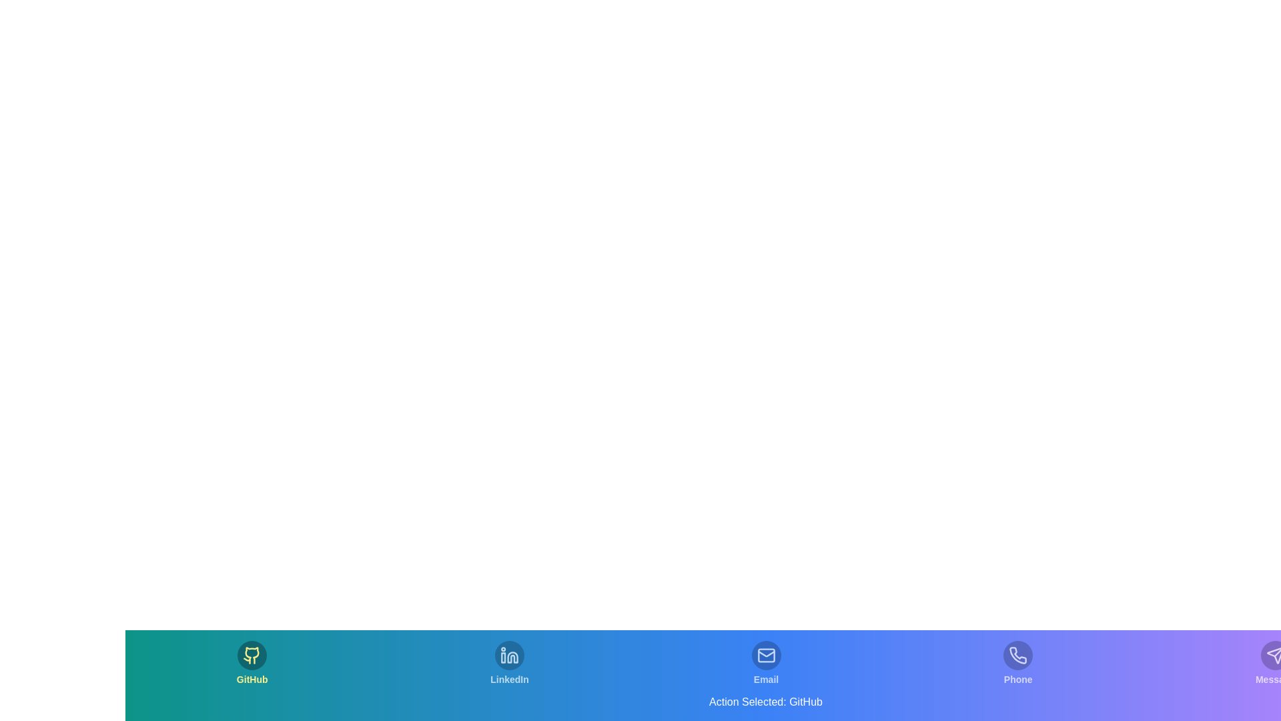  What do you see at coordinates (766, 664) in the screenshot?
I see `the tab labeled Email to switch to that section` at bounding box center [766, 664].